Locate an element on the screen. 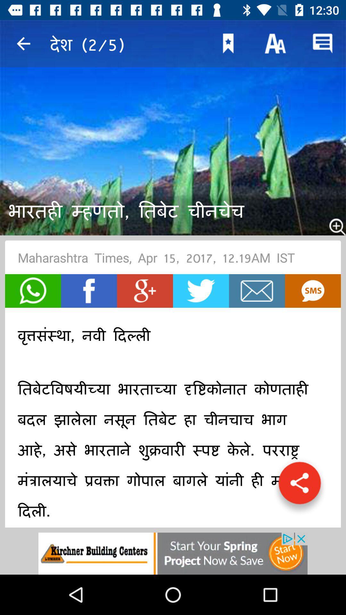 The image size is (346, 615). previous page is located at coordinates (23, 43).